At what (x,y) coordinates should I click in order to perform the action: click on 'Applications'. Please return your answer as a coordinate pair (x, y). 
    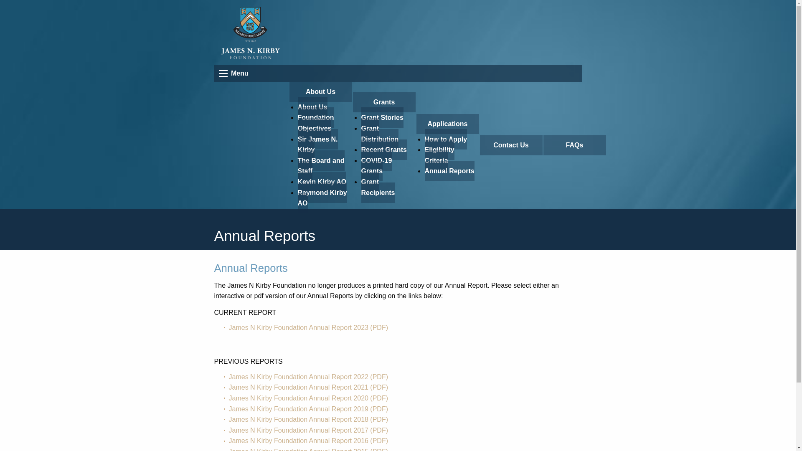
    Looking at the image, I should click on (447, 124).